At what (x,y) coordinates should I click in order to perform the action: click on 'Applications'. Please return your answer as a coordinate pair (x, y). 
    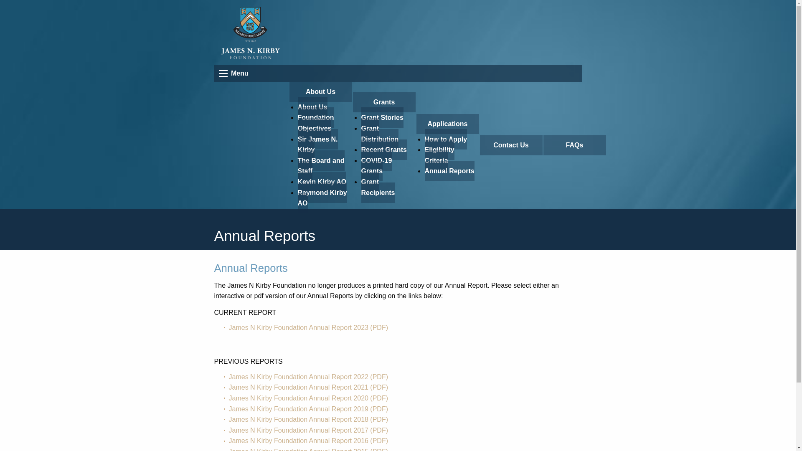
    Looking at the image, I should click on (447, 124).